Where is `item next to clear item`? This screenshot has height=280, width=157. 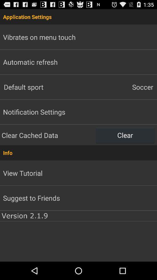
item next to clear item is located at coordinates (48, 135).